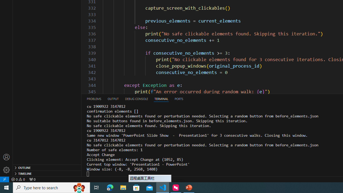 Image resolution: width=343 pixels, height=193 pixels. I want to click on 'Debug Console (Ctrl+Shift+Y)', so click(136, 99).